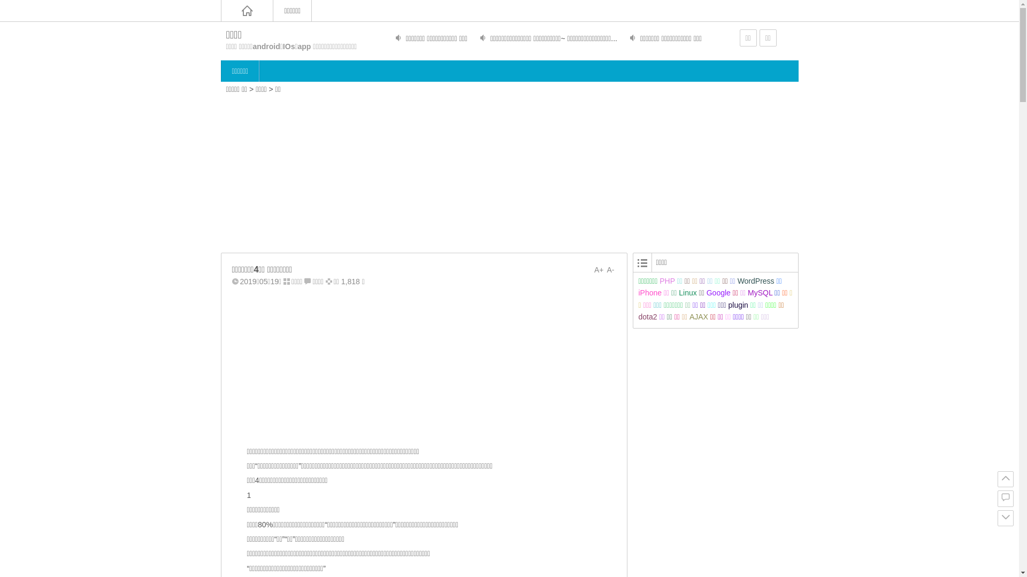 Image resolution: width=1027 pixels, height=577 pixels. Describe the element at coordinates (509, 171) in the screenshot. I see `'Advertisement'` at that location.